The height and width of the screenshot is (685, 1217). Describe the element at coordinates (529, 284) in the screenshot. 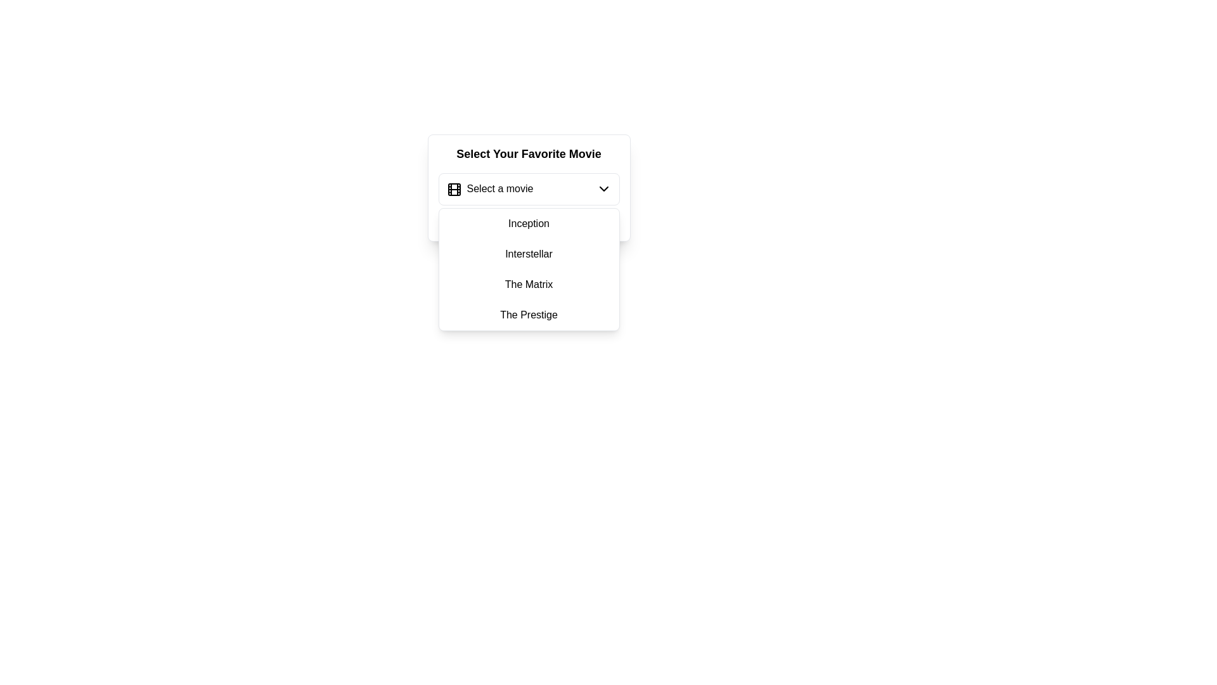

I see `the selectable dropdown menu item labeled 'The Matrix' to change its background style` at that location.